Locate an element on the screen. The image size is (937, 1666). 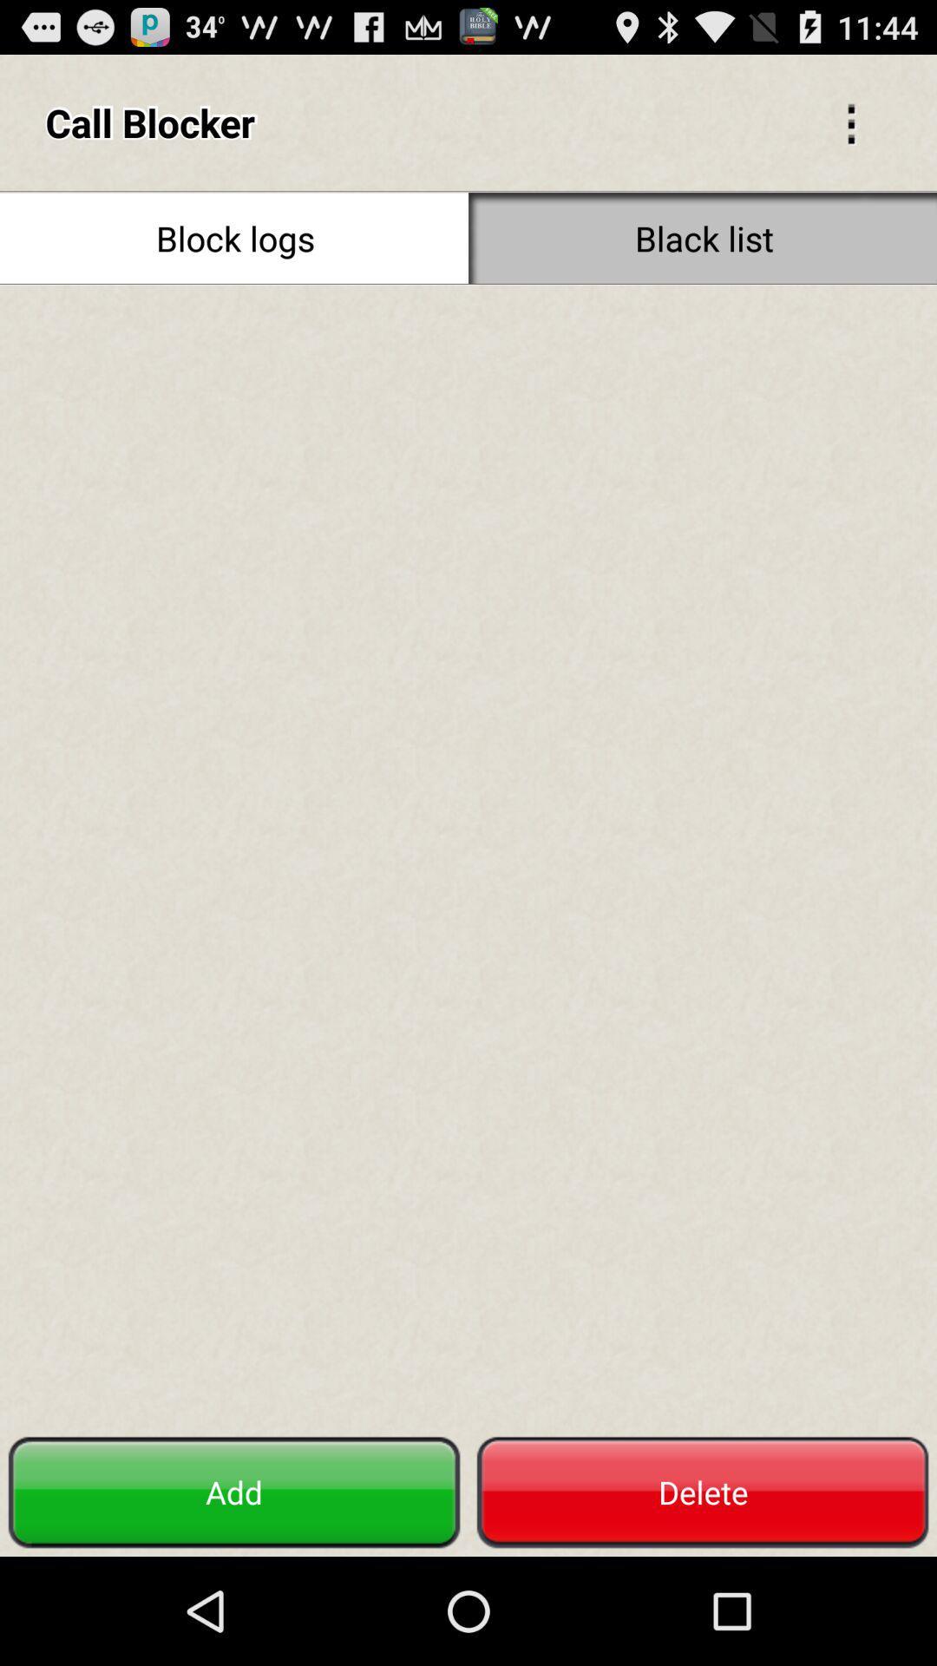
icon to the right of call blocker icon is located at coordinates (850, 121).